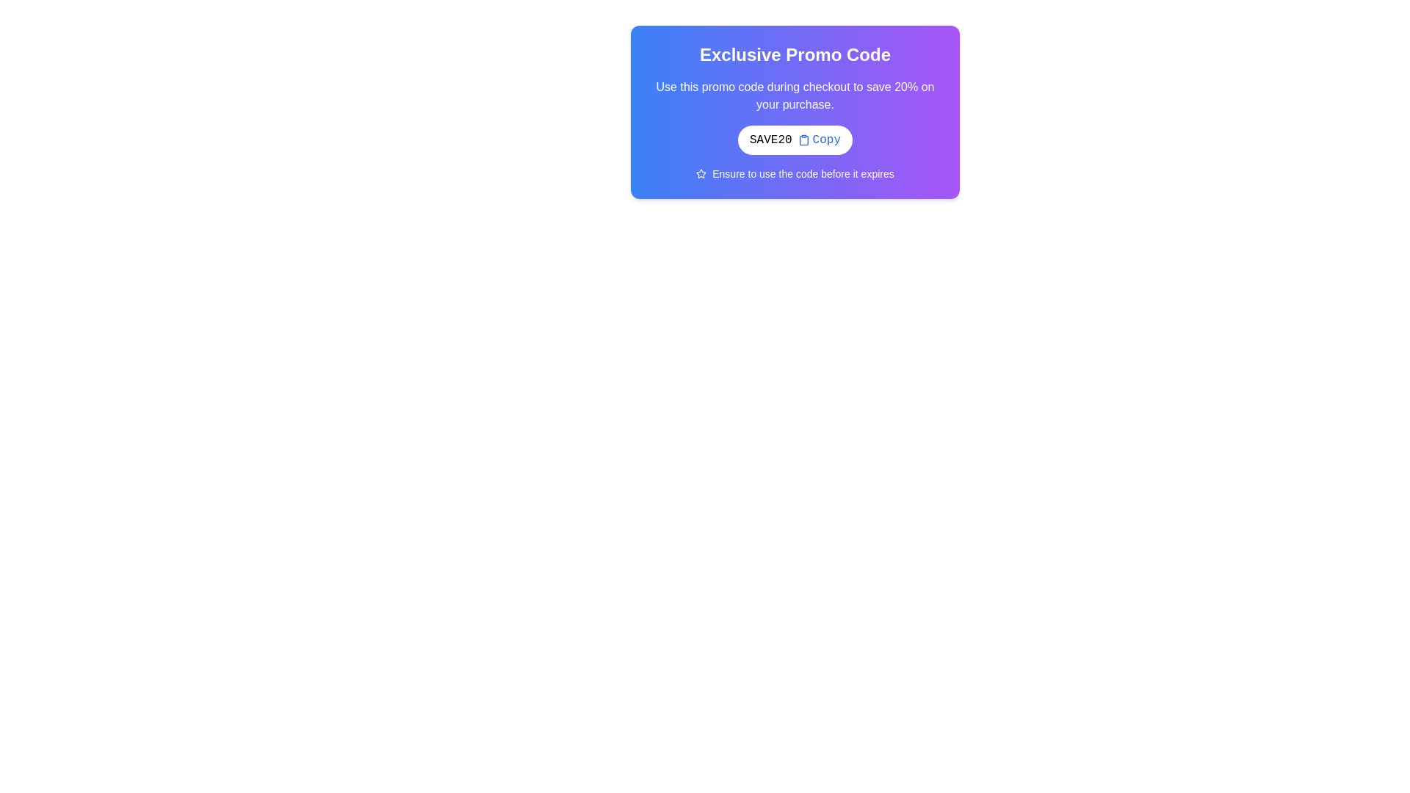 The image size is (1410, 793). What do you see at coordinates (795, 96) in the screenshot?
I see `informational text of the label that contains the promo code instructions, which is styled in white text on a gradient background, located below the title 'Exclusive Promo Code'` at bounding box center [795, 96].